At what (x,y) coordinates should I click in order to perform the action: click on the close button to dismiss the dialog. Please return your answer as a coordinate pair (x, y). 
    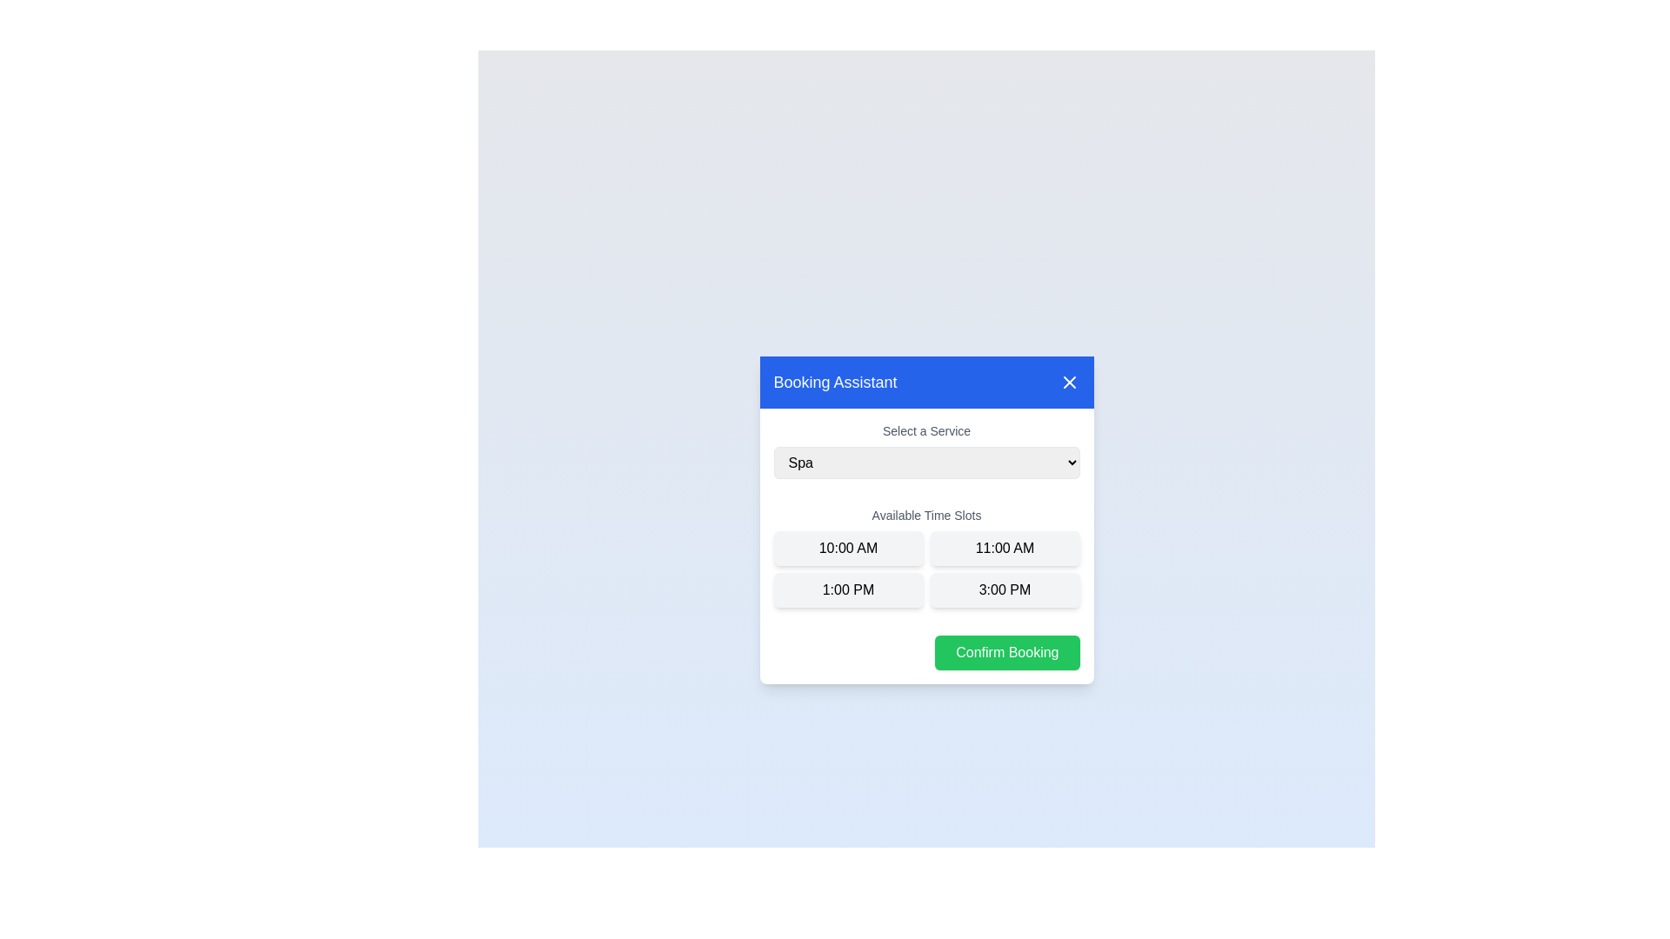
    Looking at the image, I should click on (1068, 381).